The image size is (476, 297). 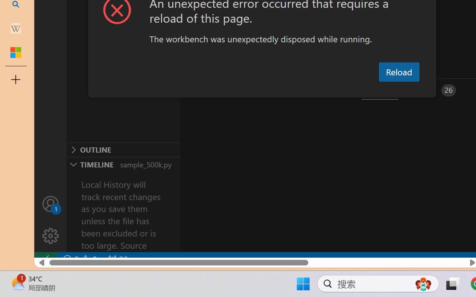 What do you see at coordinates (433, 90) in the screenshot?
I see `'Ports - 26 forwarded ports'` at bounding box center [433, 90].